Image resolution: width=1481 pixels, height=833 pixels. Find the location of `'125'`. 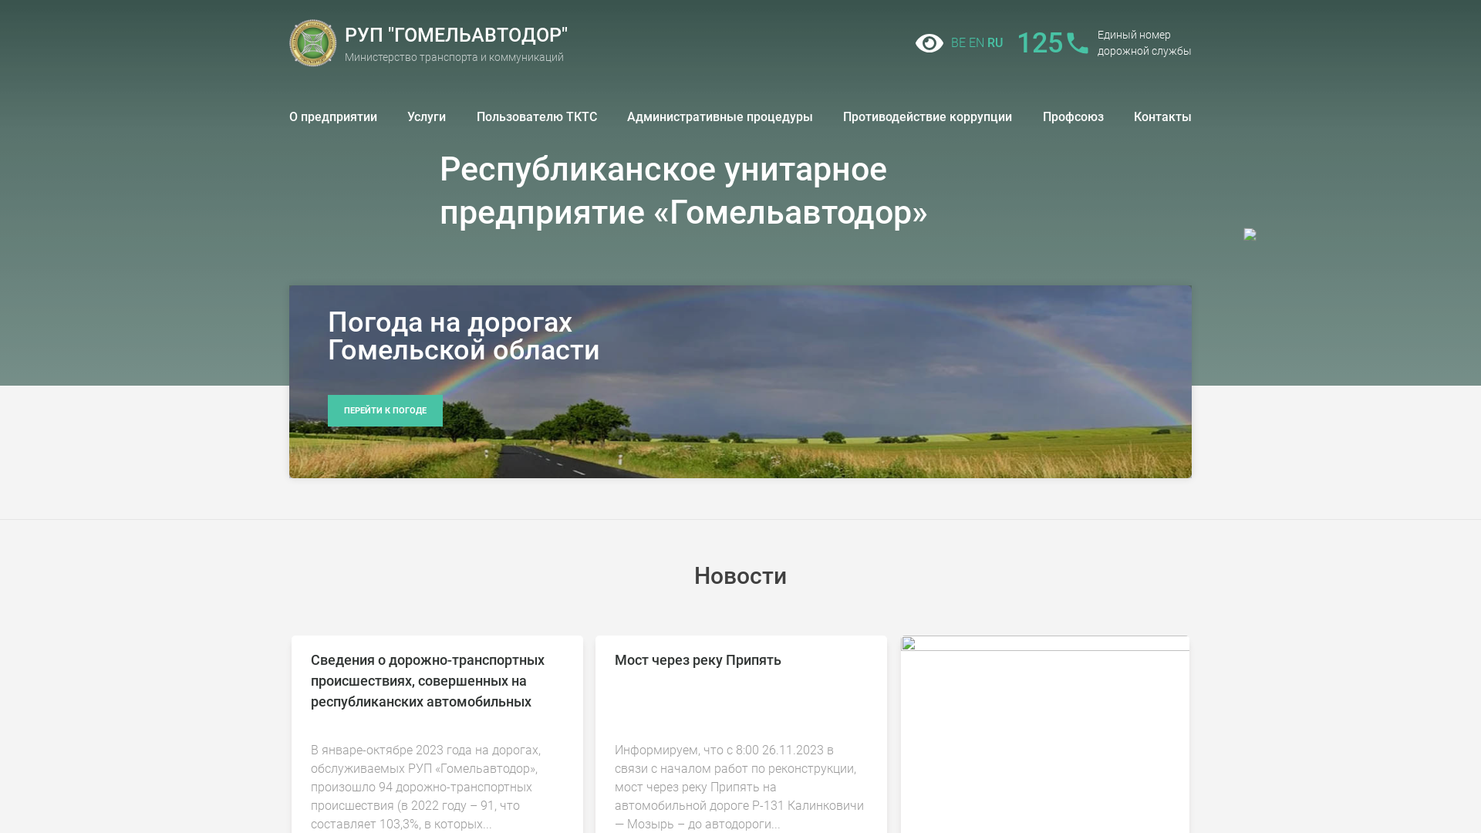

'125' is located at coordinates (1051, 42).